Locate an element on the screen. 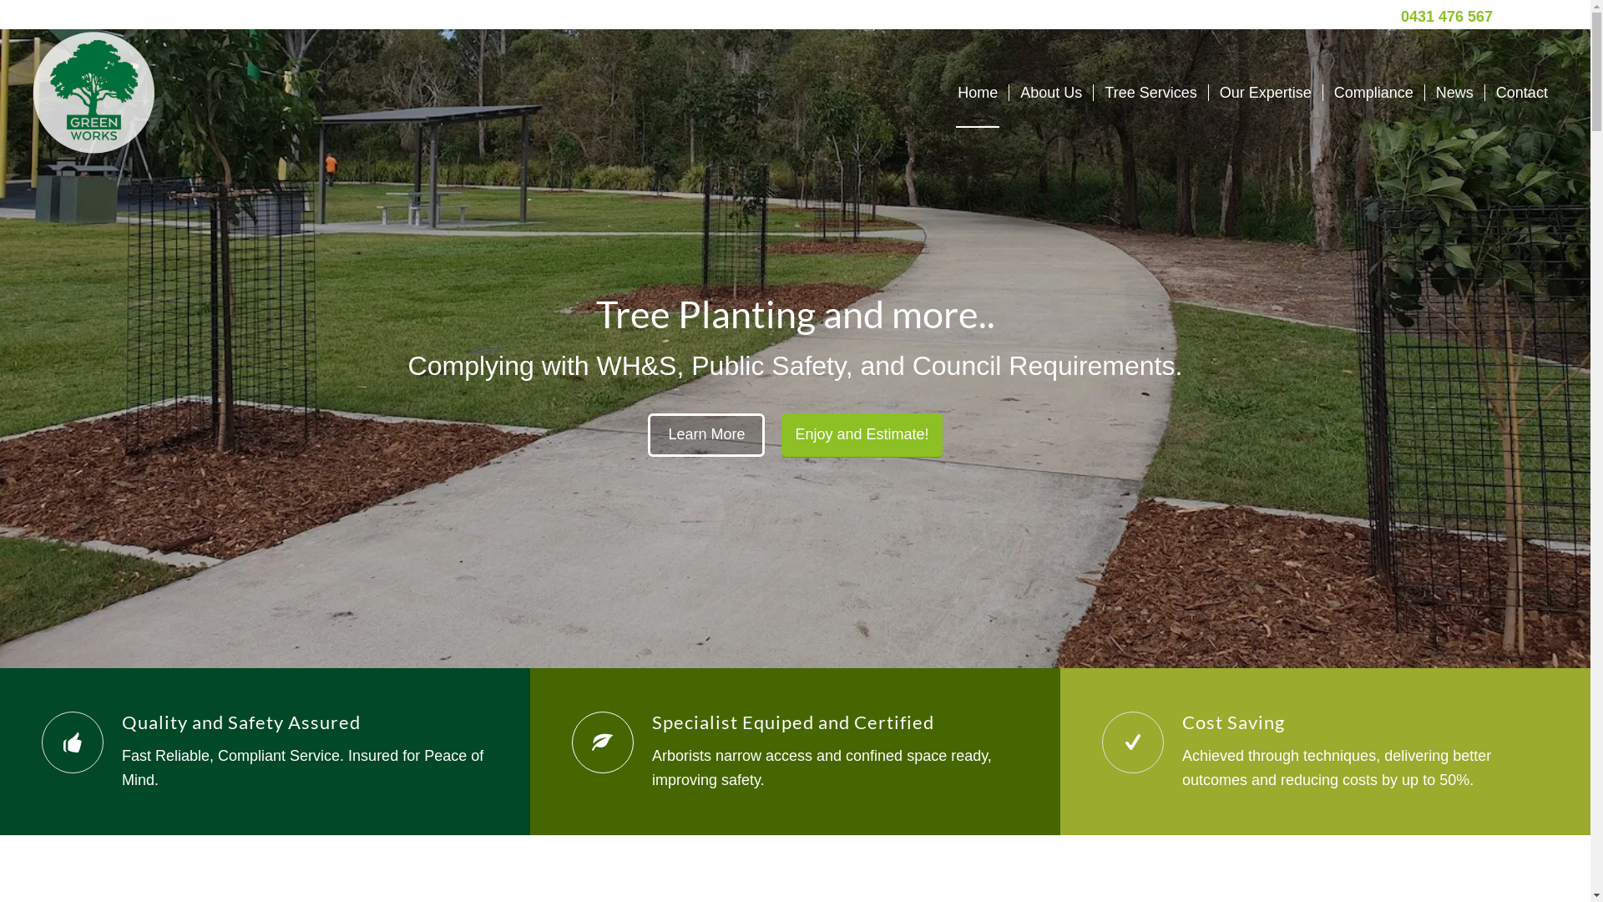 The width and height of the screenshot is (1603, 902). 'Tree Services' is located at coordinates (1149, 93).